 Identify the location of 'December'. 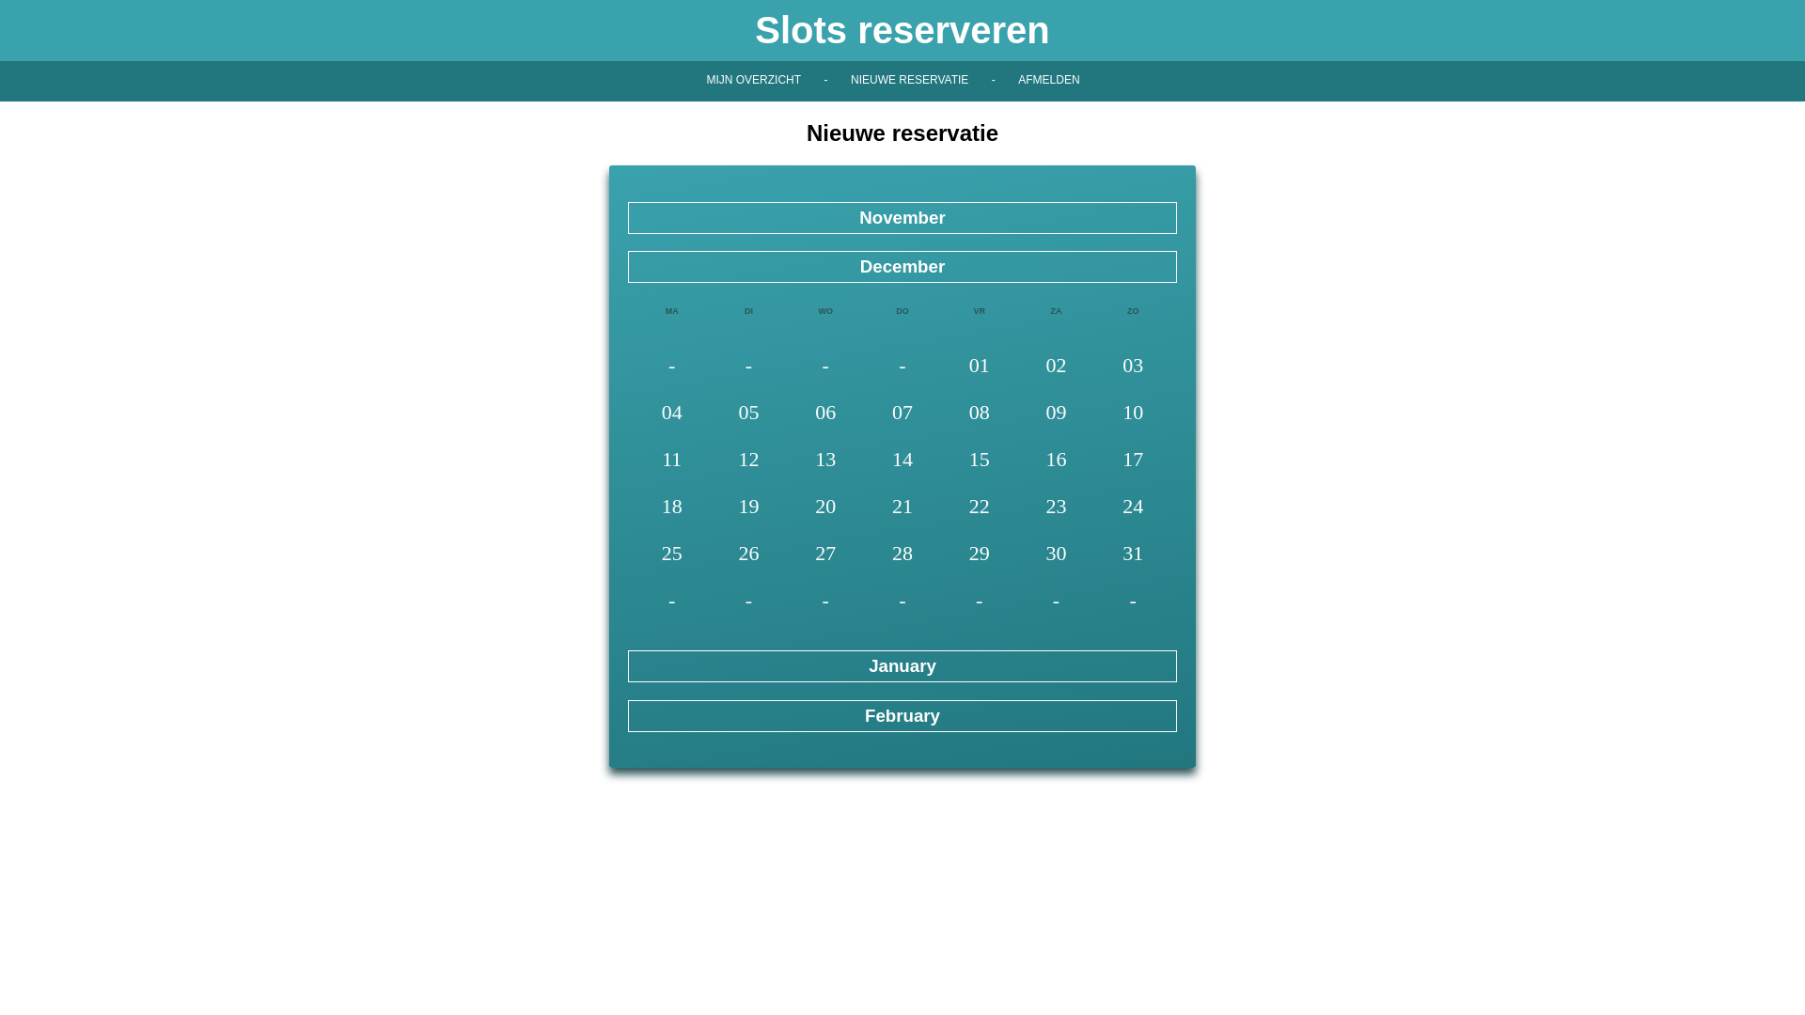
(902, 267).